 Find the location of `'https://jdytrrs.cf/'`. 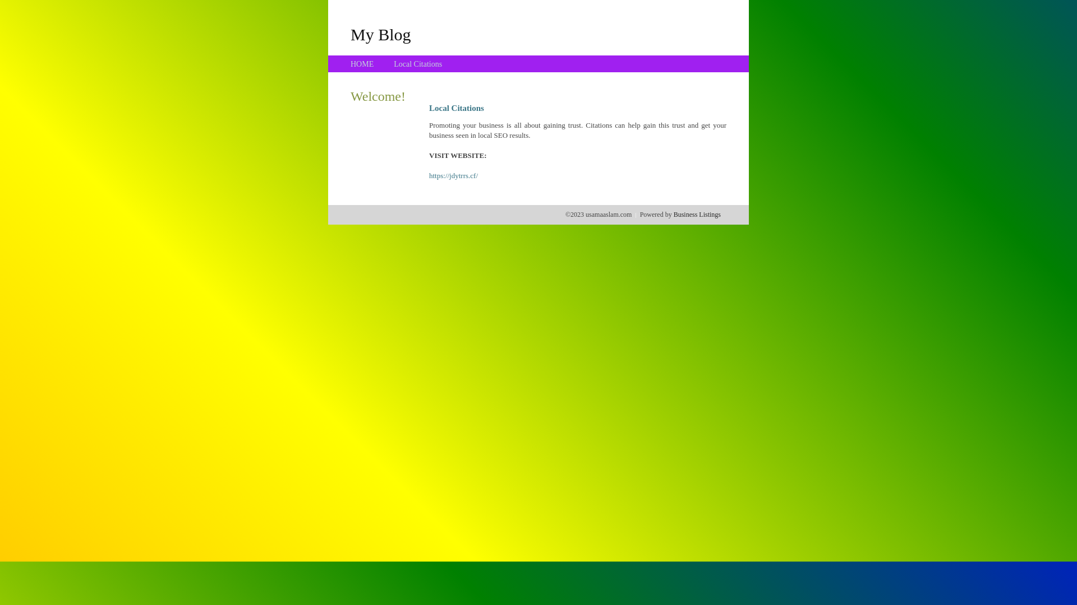

'https://jdytrrs.cf/' is located at coordinates (453, 175).